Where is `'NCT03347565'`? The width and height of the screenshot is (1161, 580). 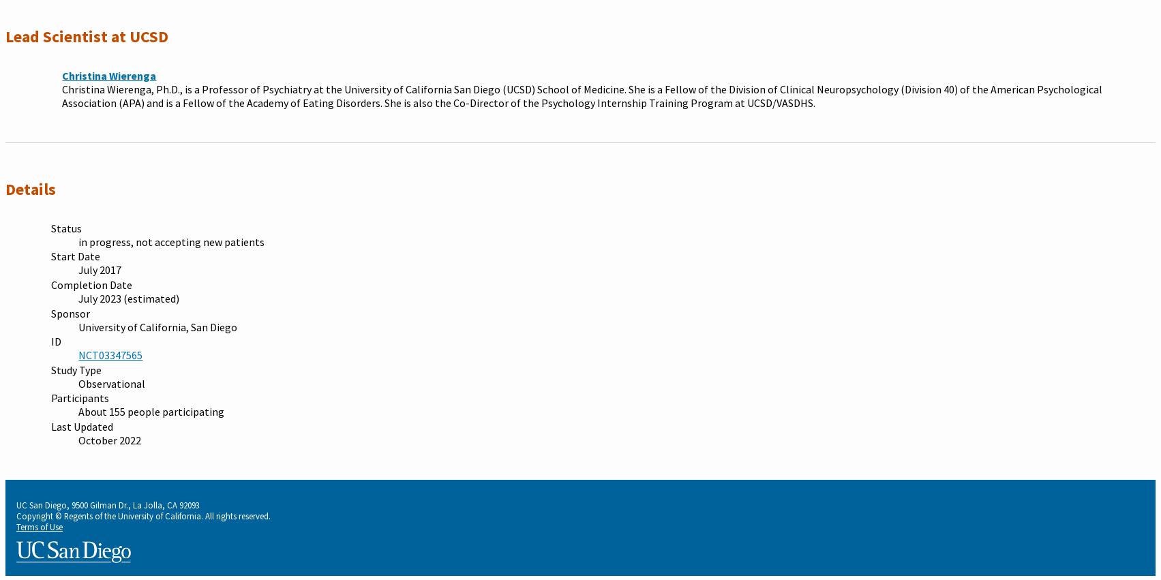
'NCT03347565' is located at coordinates (110, 354).